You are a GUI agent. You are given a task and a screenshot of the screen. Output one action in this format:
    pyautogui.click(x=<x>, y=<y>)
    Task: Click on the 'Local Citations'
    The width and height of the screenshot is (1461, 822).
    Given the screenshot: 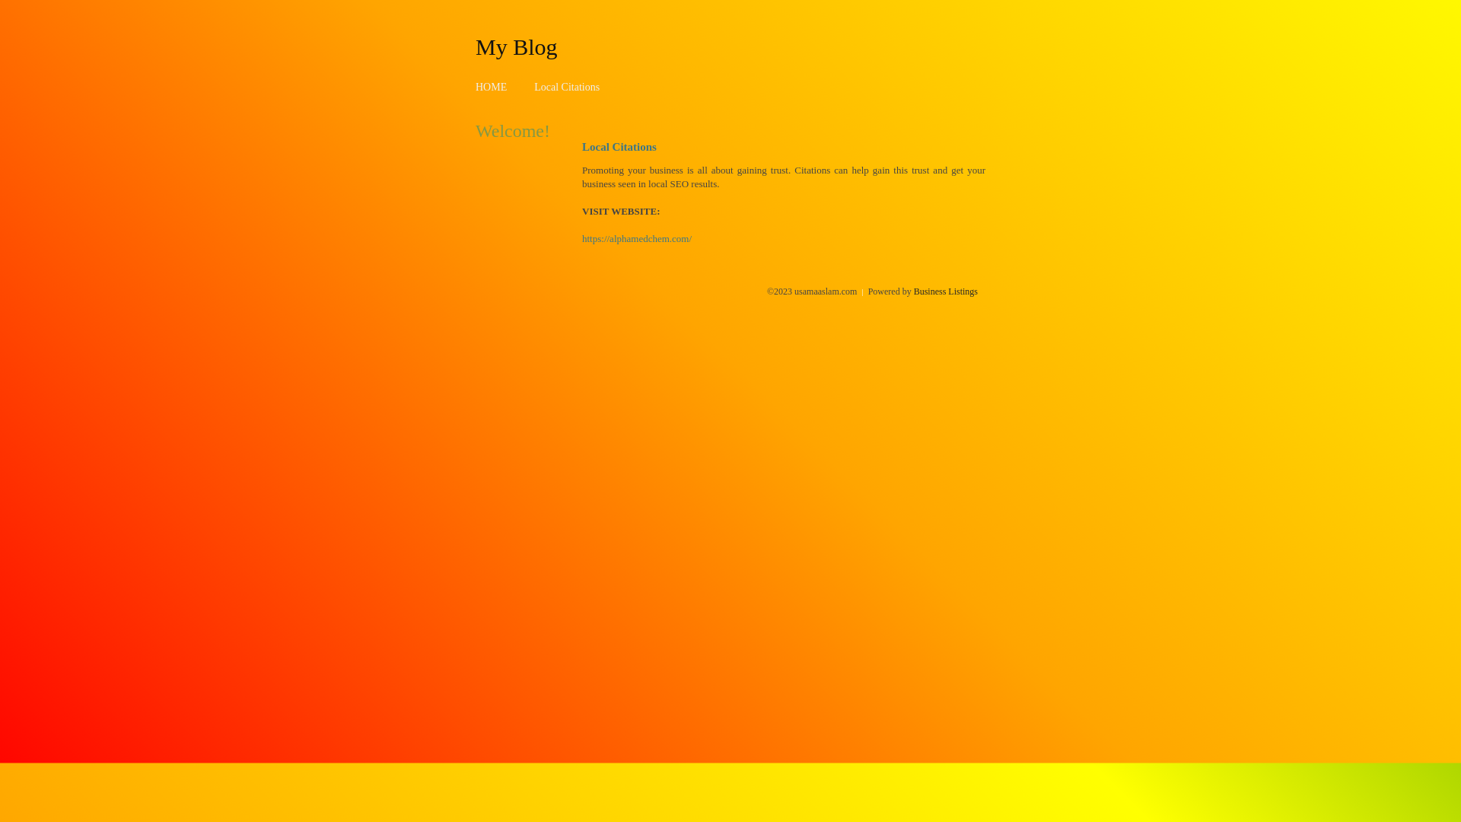 What is the action you would take?
    pyautogui.click(x=565, y=87)
    